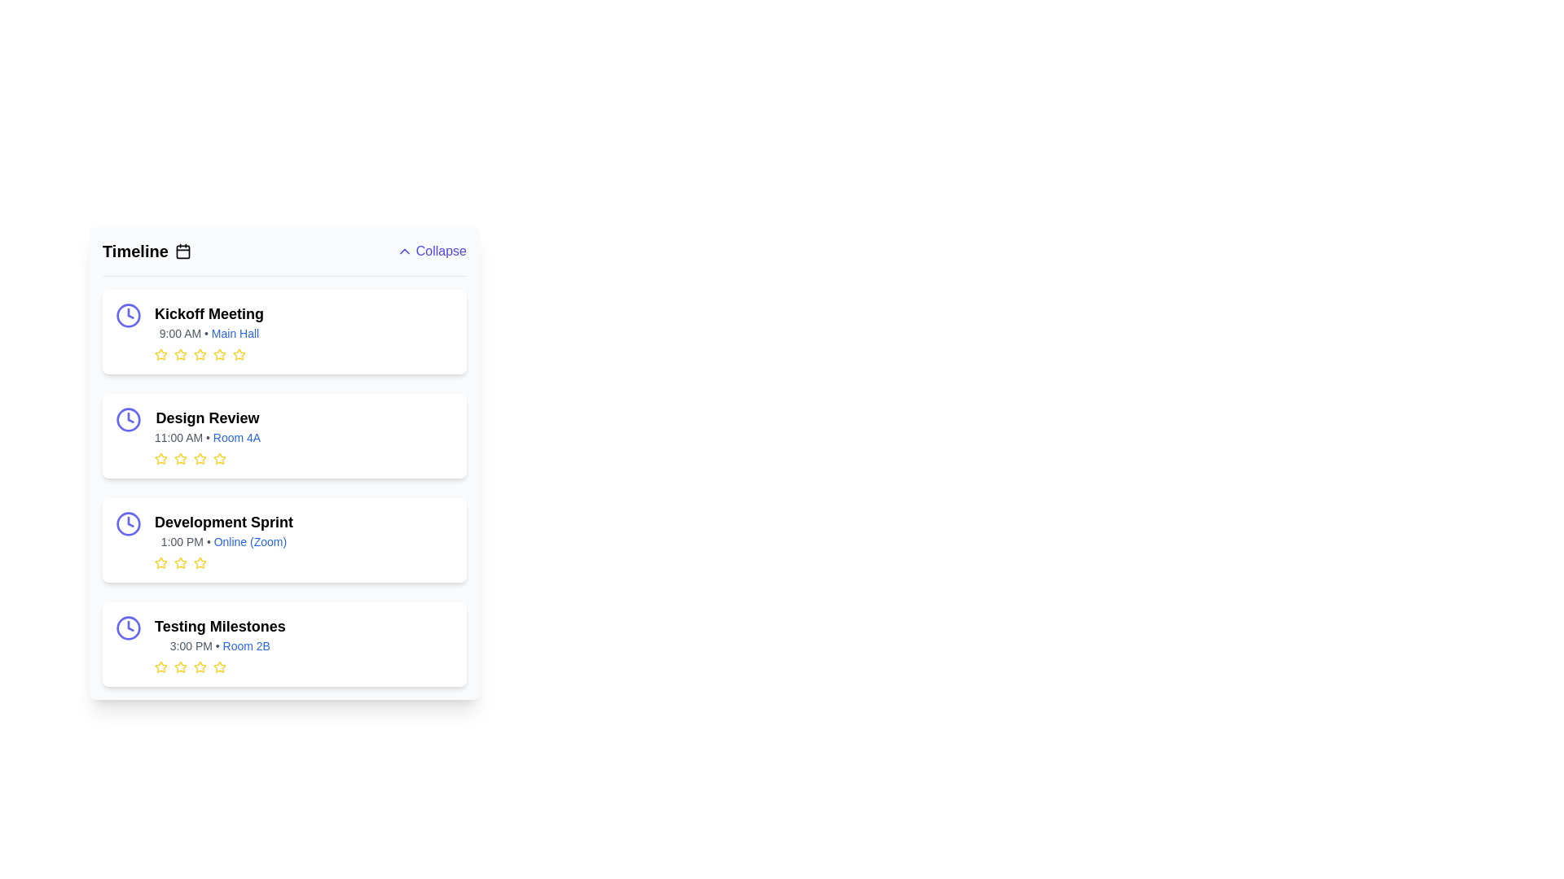  What do you see at coordinates (180, 562) in the screenshot?
I see `the third star-shaped Rating Star Icon, which is illustrated with yellow strokes` at bounding box center [180, 562].